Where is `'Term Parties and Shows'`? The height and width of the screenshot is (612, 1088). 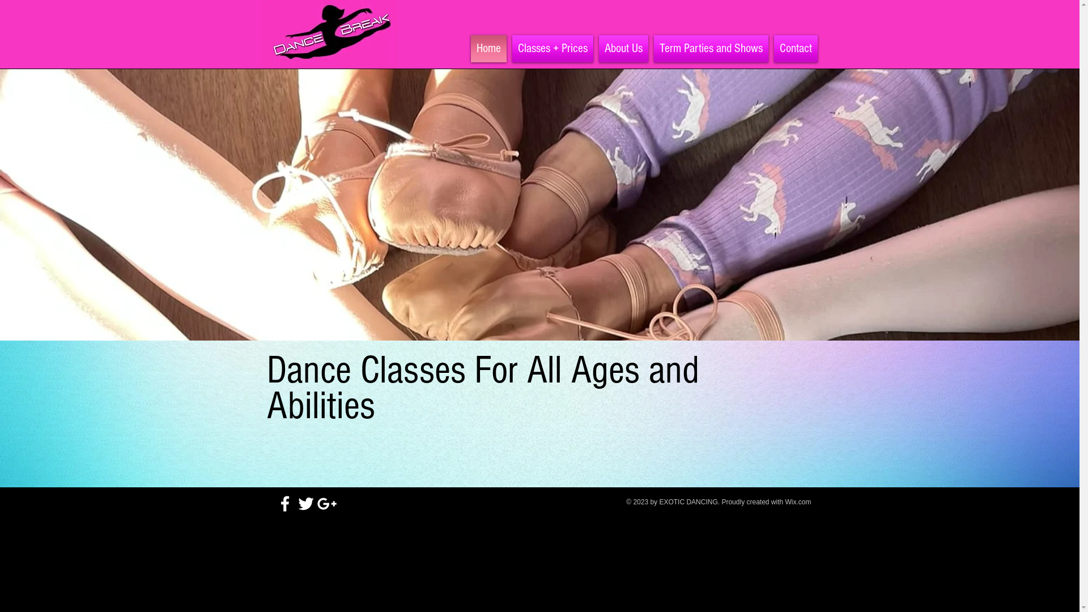 'Term Parties and Shows' is located at coordinates (709, 48).